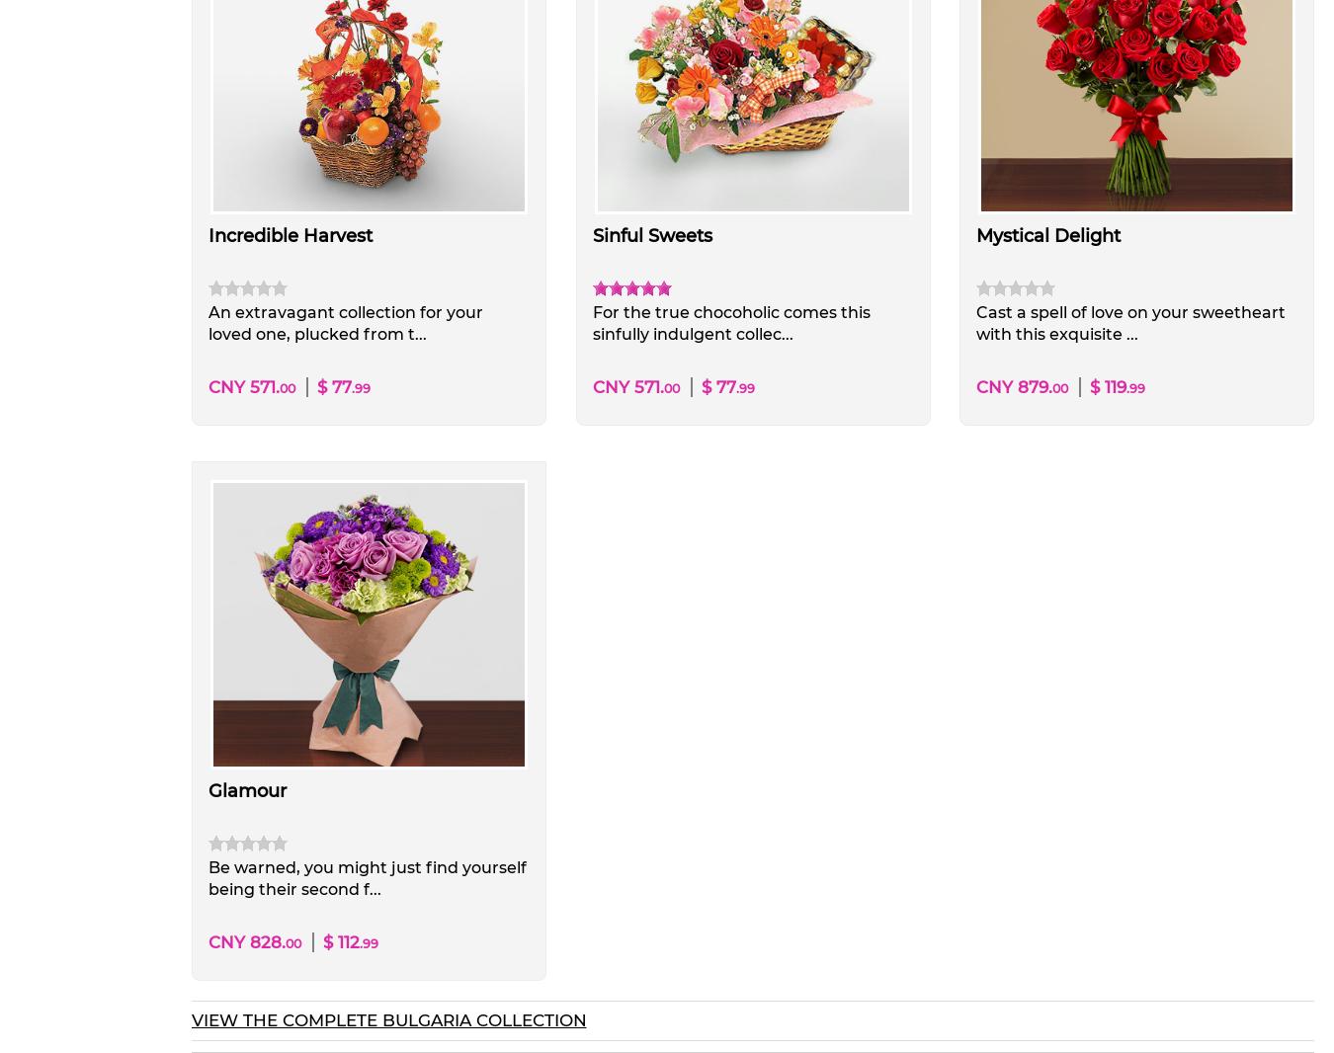 The width and height of the screenshot is (1334, 1053). What do you see at coordinates (387, 1019) in the screenshot?
I see `'VIEW THE COMPLETE BULGARIA COLLECTION'` at bounding box center [387, 1019].